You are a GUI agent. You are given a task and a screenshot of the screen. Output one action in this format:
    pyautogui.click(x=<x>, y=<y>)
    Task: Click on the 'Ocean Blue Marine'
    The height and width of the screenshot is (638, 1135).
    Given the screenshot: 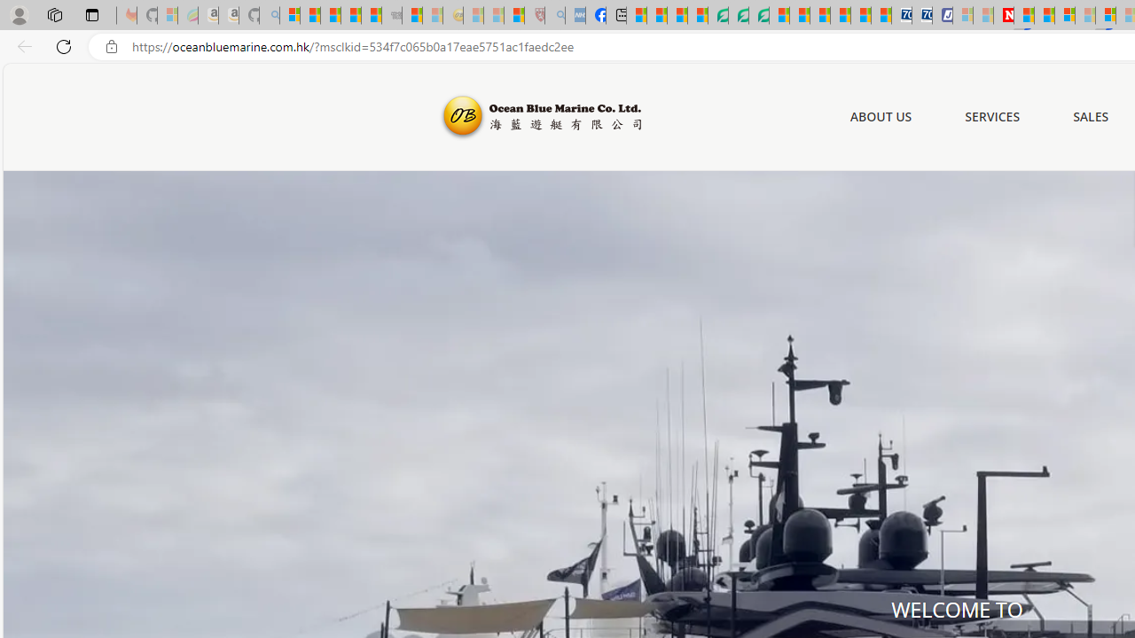 What is the action you would take?
    pyautogui.click(x=538, y=117)
    